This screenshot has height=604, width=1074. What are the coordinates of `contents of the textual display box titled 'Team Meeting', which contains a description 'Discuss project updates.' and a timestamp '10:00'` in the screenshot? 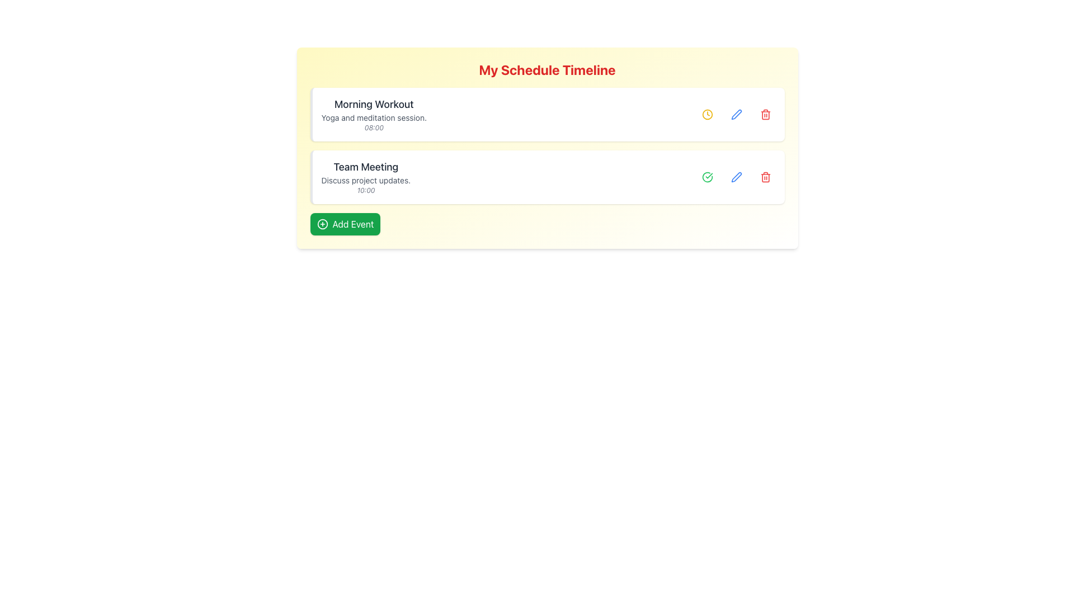 It's located at (366, 176).